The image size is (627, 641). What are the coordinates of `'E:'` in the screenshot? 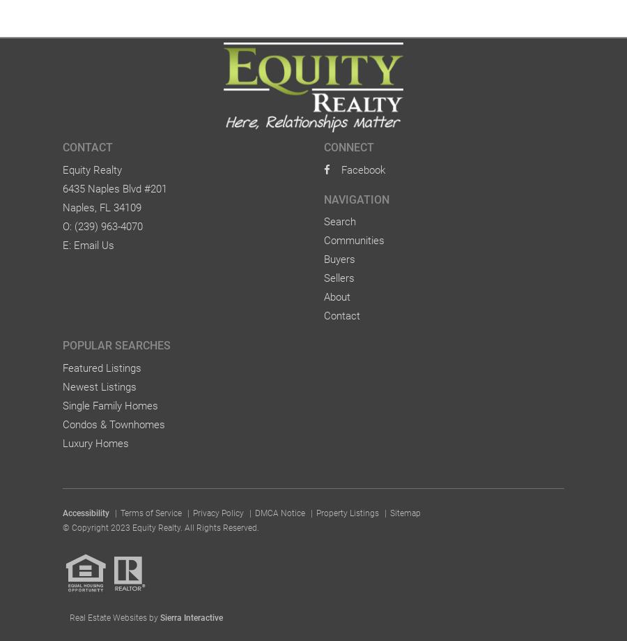 It's located at (68, 243).